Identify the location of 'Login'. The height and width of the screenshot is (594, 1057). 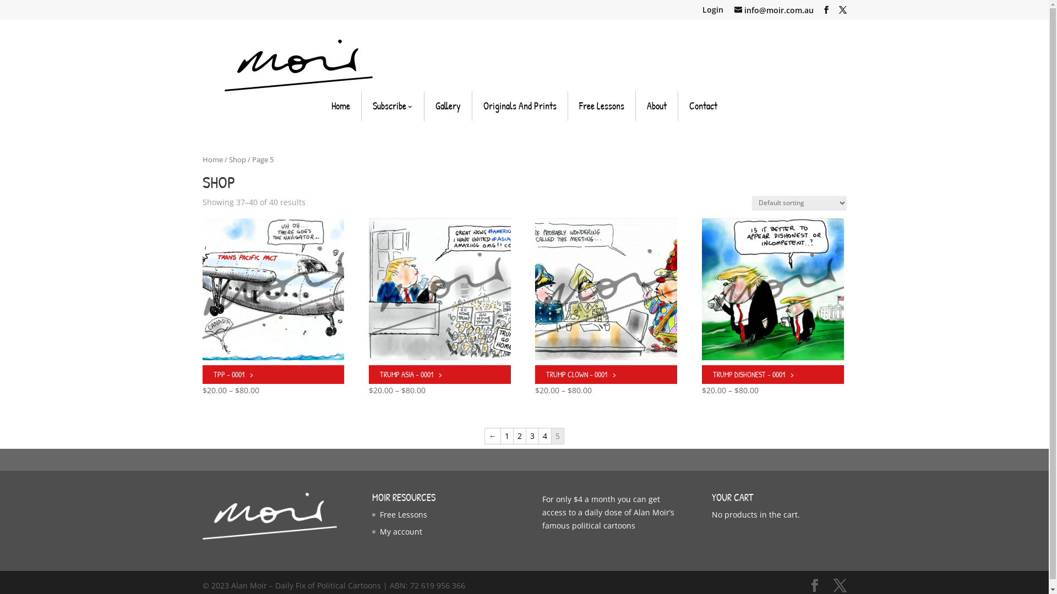
(713, 9).